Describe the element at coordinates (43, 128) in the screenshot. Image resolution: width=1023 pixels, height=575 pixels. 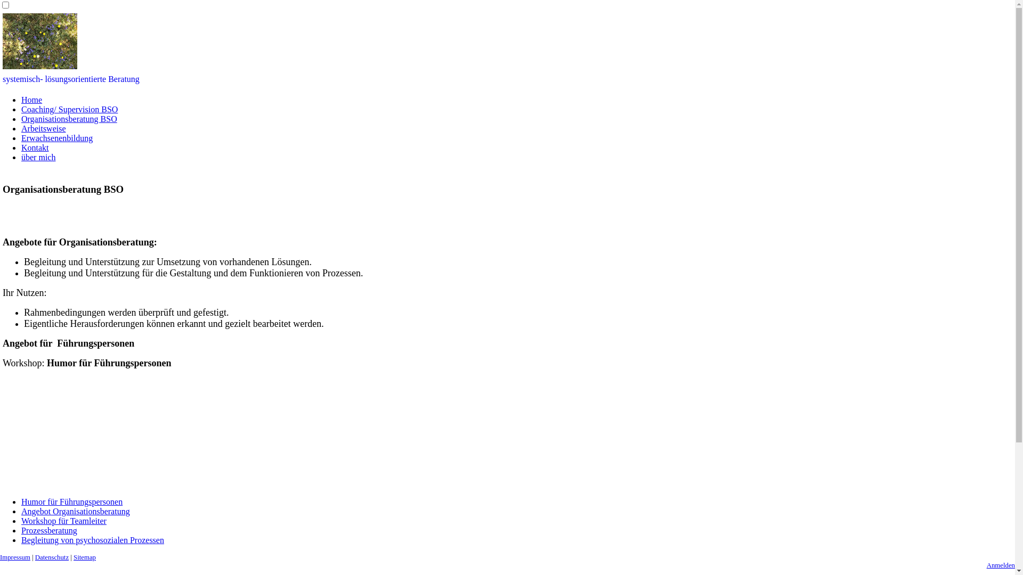
I see `'Arbeitsweise'` at that location.